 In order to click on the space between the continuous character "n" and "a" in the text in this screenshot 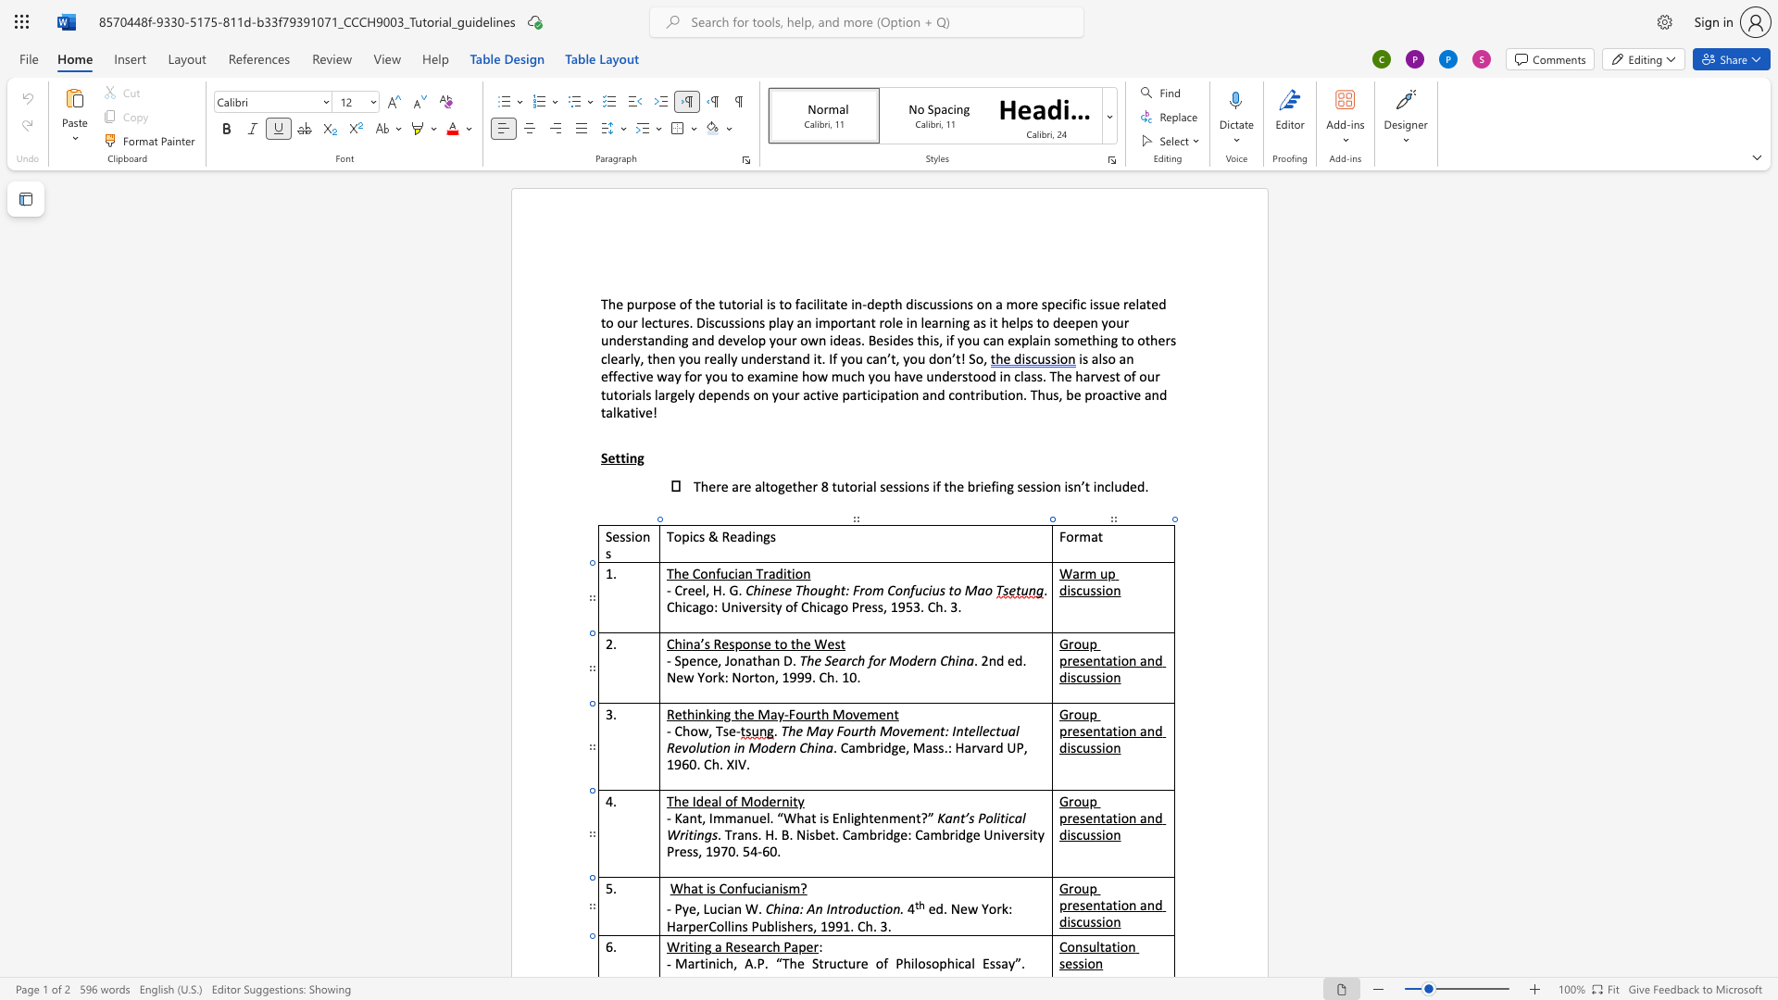, I will do `click(792, 907)`.